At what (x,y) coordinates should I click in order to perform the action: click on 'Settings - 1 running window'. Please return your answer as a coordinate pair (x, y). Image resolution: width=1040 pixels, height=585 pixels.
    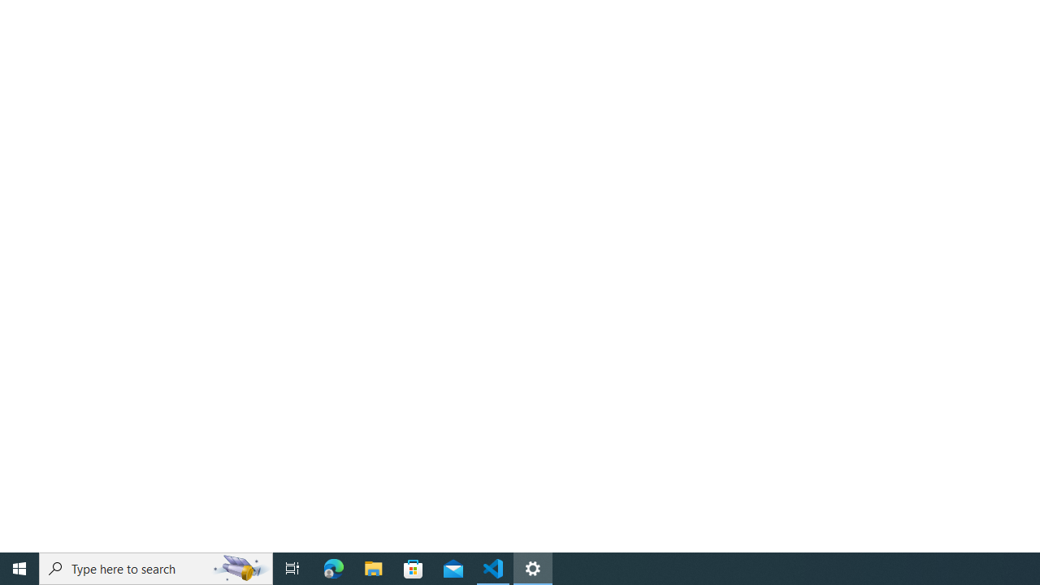
    Looking at the image, I should click on (533, 567).